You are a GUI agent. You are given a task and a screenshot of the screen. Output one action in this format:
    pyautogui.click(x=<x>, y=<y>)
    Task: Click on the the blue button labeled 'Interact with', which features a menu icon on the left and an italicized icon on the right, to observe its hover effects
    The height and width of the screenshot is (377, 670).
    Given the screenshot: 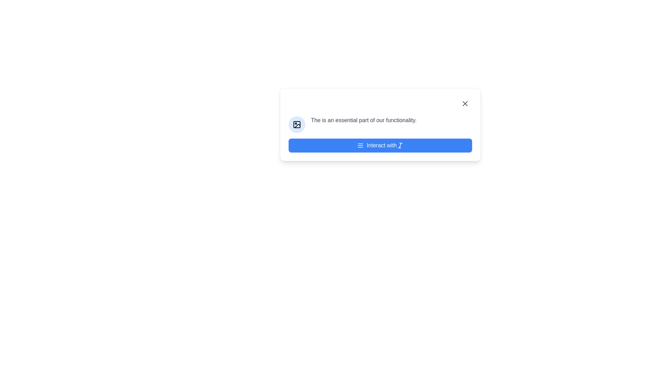 What is the action you would take?
    pyautogui.click(x=380, y=145)
    